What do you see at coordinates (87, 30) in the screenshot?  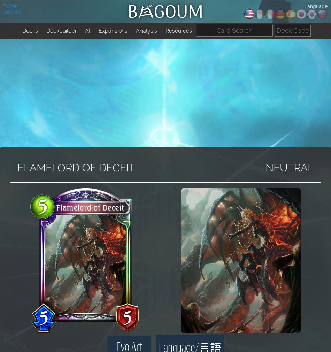 I see `'AI'` at bounding box center [87, 30].